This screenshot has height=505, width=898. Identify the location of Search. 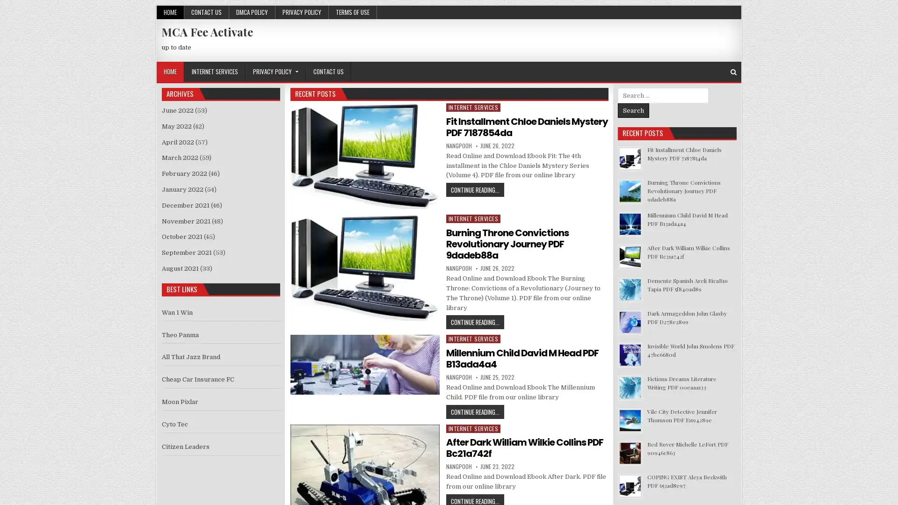
(633, 110).